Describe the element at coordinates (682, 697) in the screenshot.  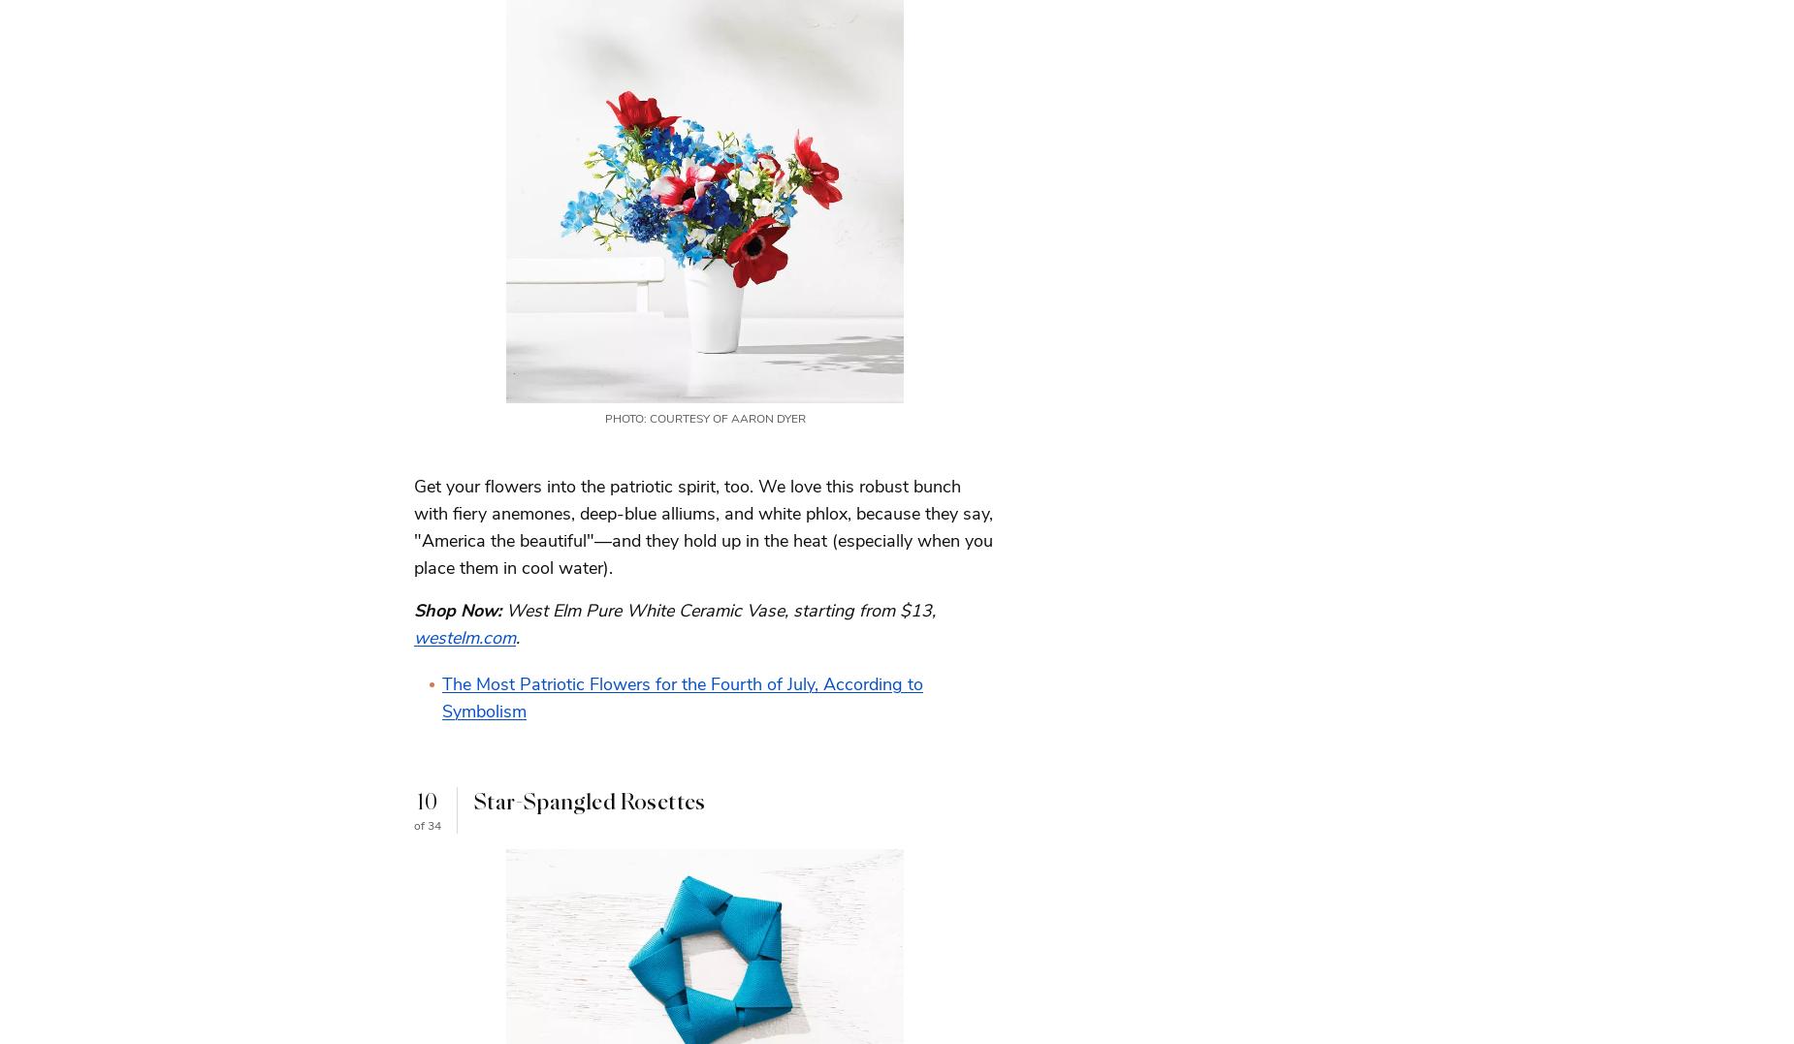
I see `'The Most Patriotic Flowers for the Fourth of July, According to Symbolism'` at that location.